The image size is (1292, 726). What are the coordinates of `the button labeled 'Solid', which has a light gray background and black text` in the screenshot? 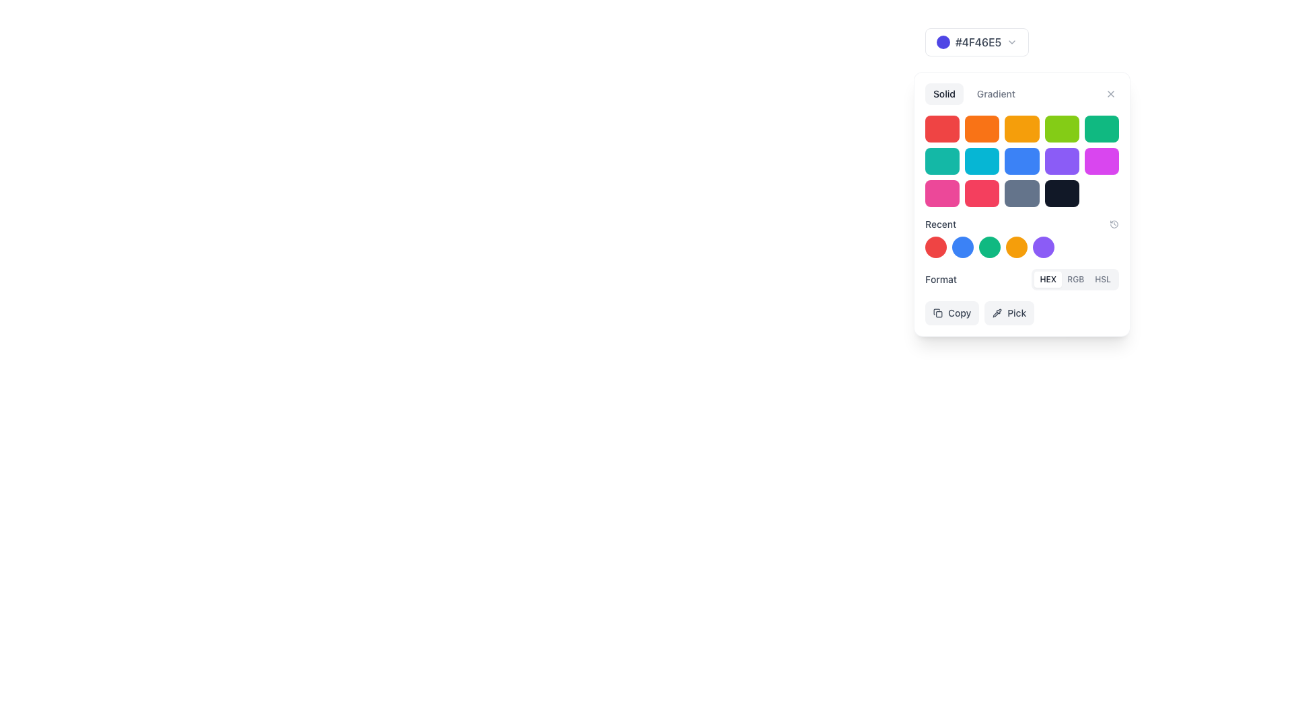 It's located at (943, 93).